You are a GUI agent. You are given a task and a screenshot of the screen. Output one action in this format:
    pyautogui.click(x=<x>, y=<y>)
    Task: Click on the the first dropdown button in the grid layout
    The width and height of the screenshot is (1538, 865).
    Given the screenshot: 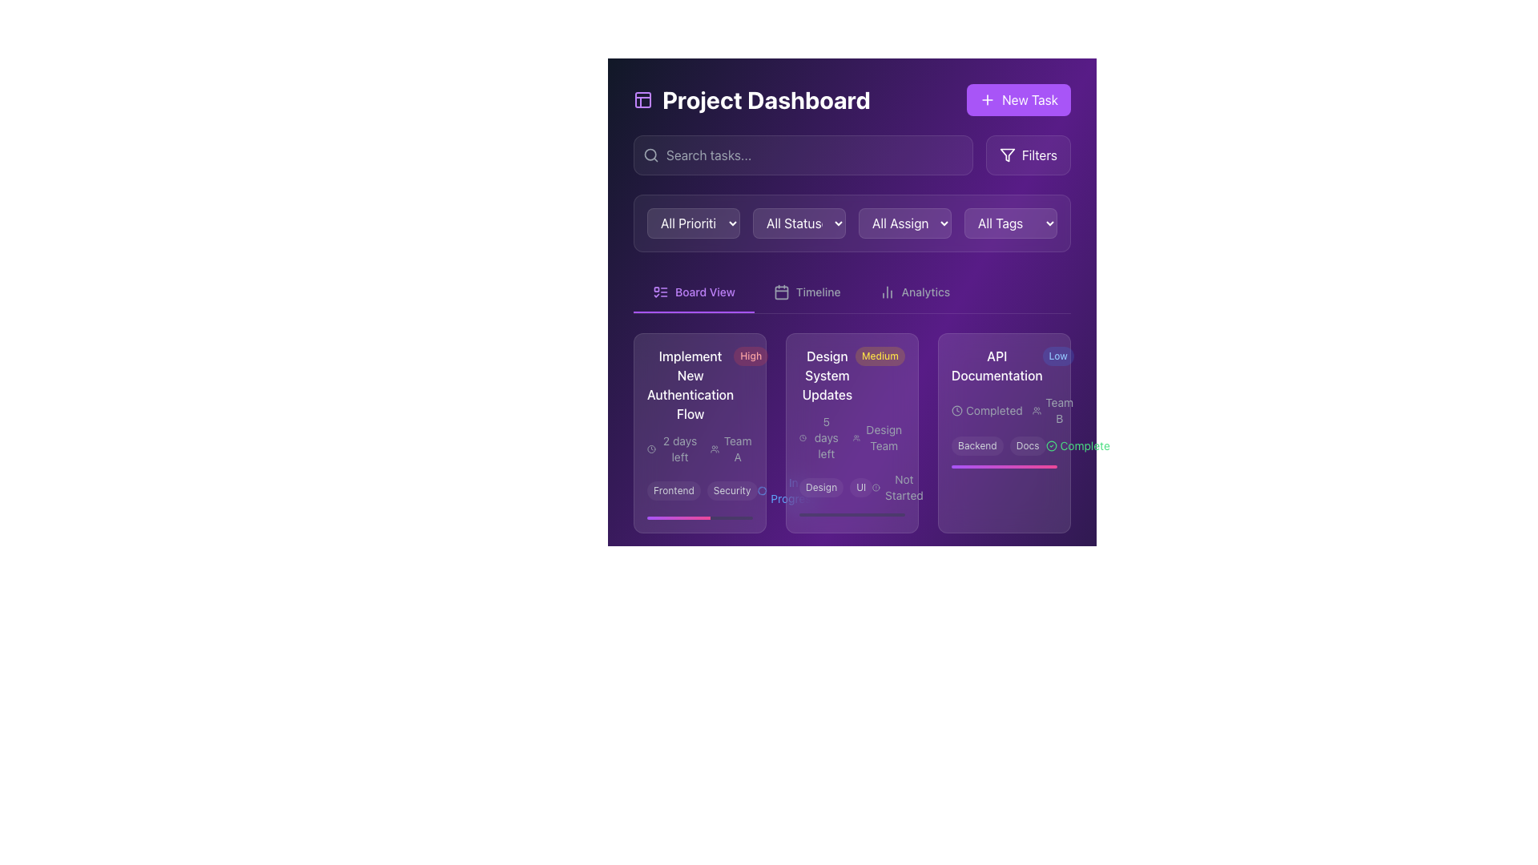 What is the action you would take?
    pyautogui.click(x=693, y=223)
    